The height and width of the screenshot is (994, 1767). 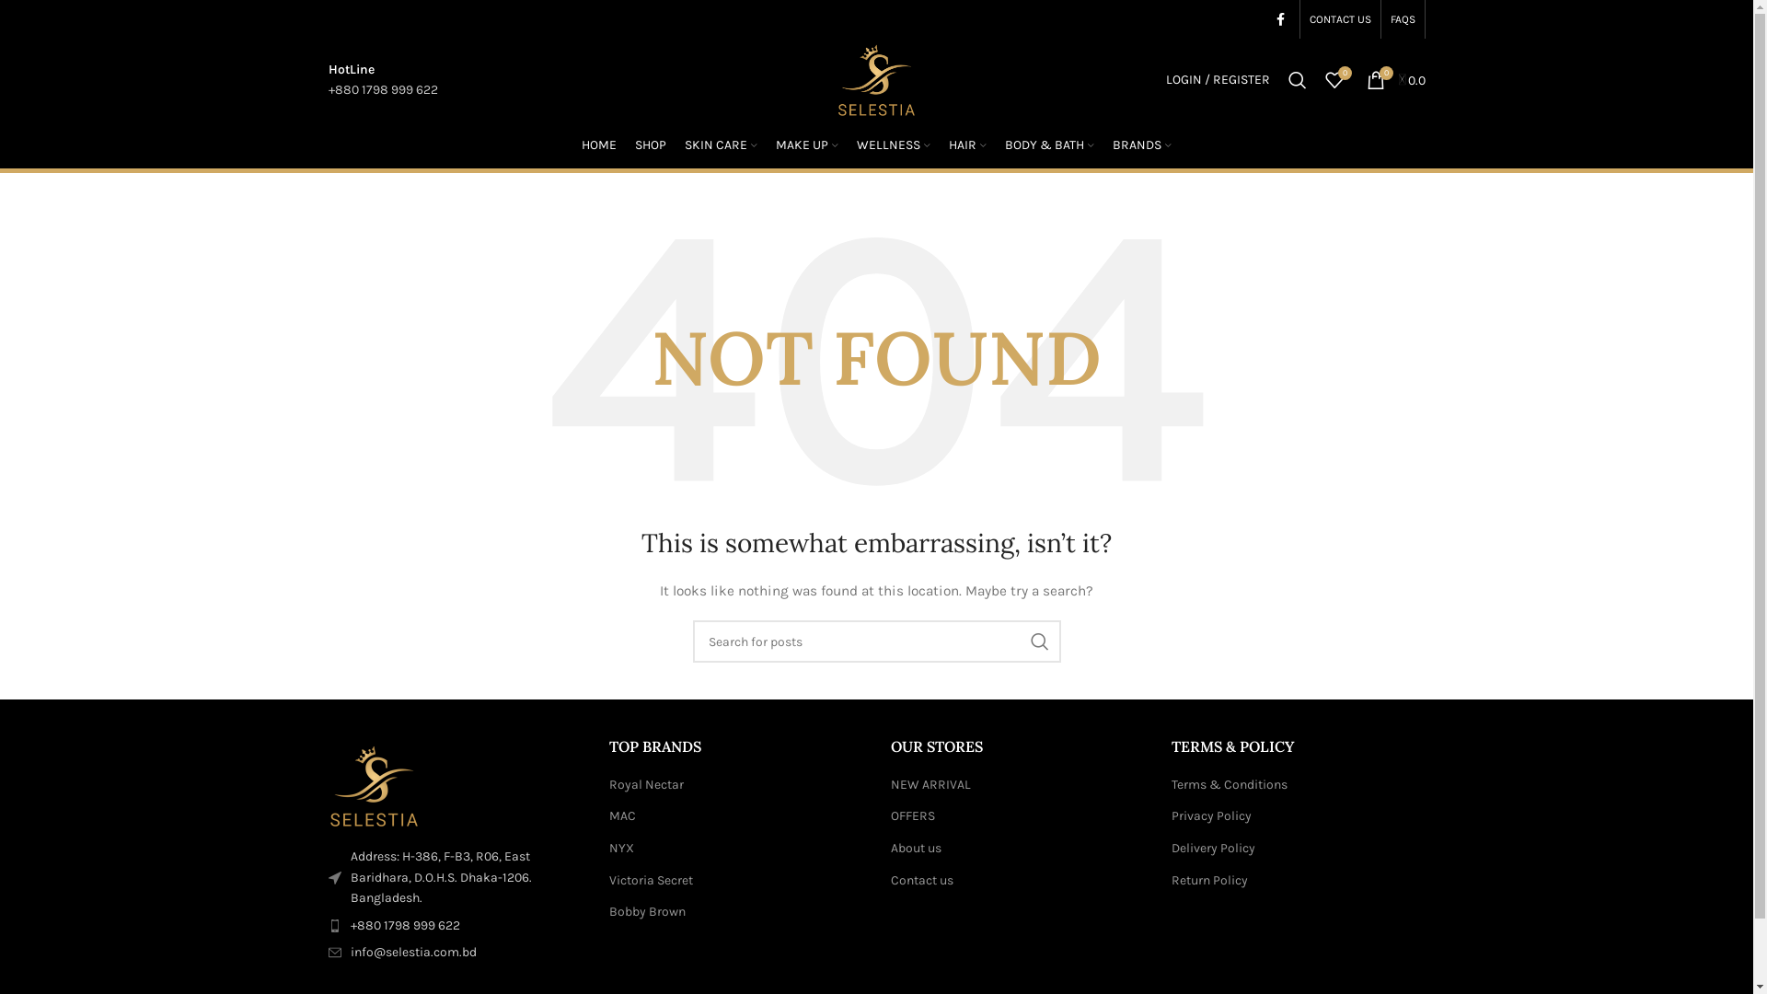 I want to click on 'MAKE UP', so click(x=807, y=144).